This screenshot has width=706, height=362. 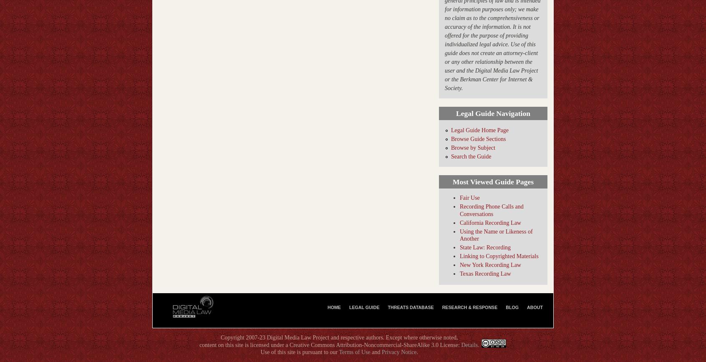 What do you see at coordinates (459, 247) in the screenshot?
I see `'State Law: Recording'` at bounding box center [459, 247].